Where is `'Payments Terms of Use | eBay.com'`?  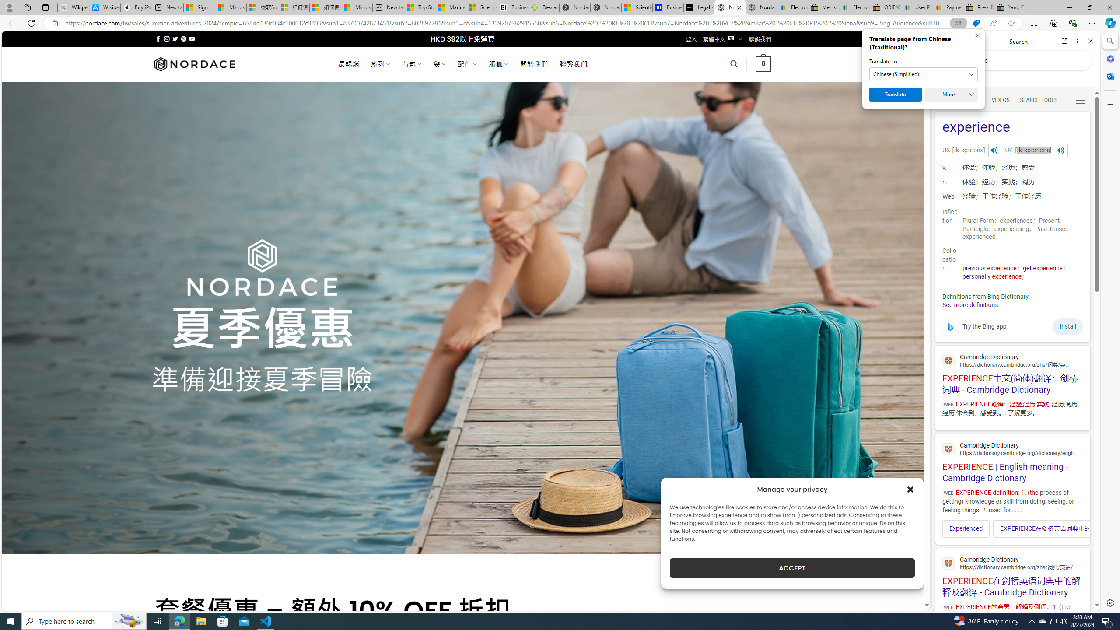
'Payments Terms of Use | eBay.com' is located at coordinates (947, 7).